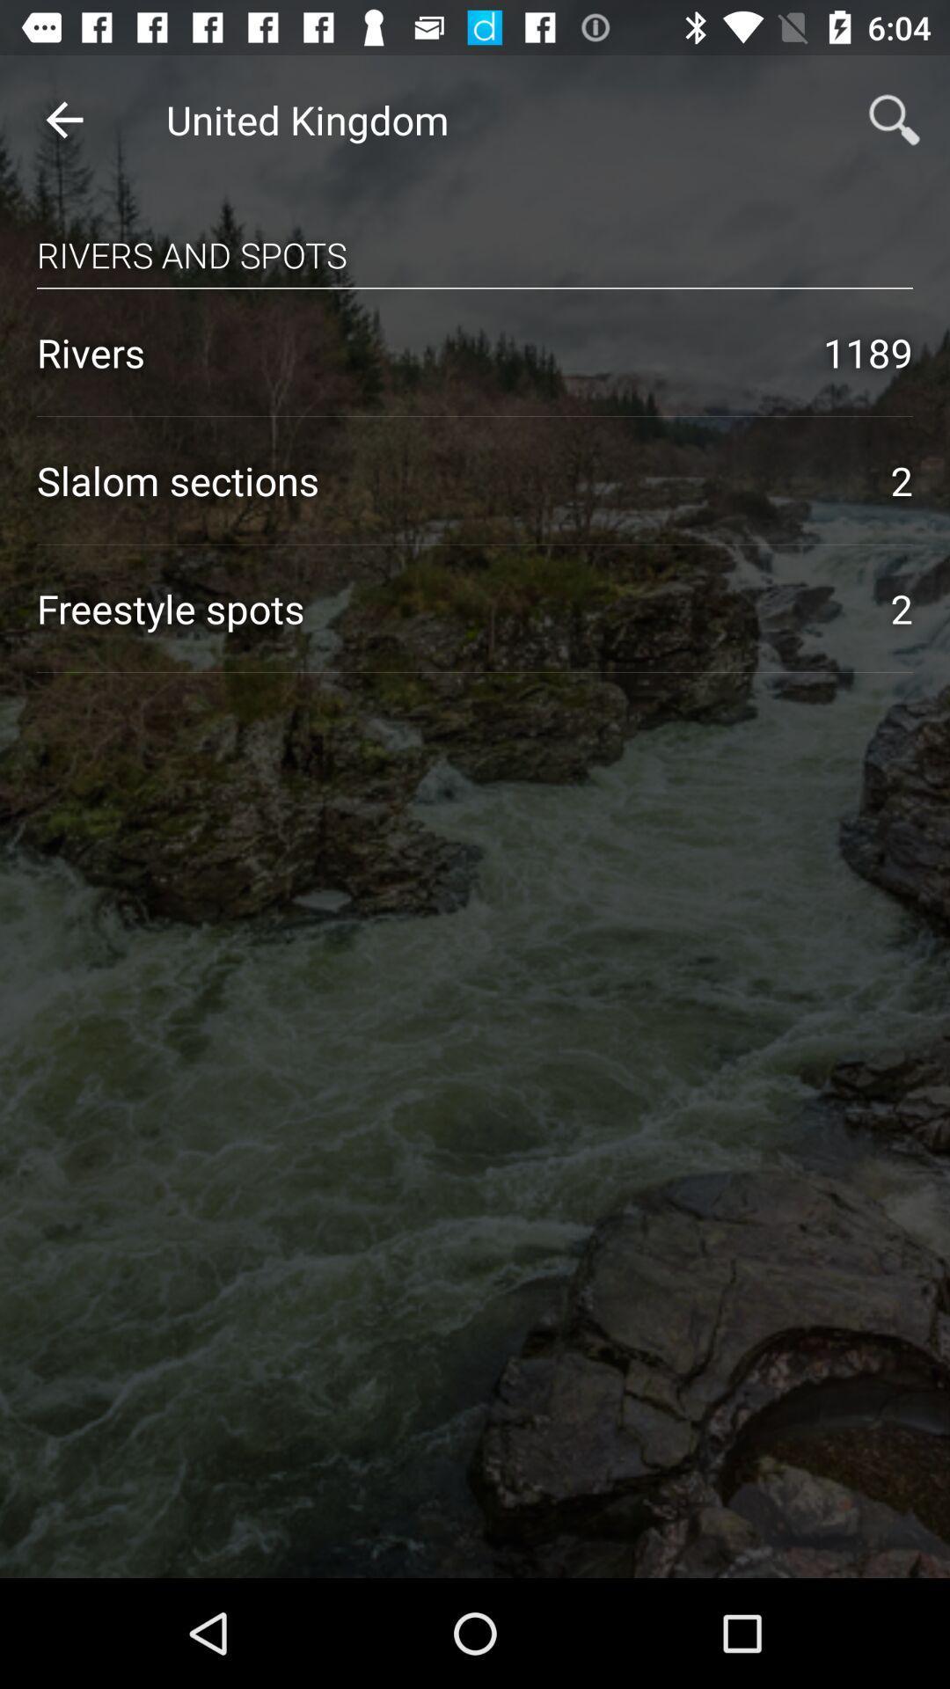 This screenshot has height=1689, width=950. What do you see at coordinates (867, 352) in the screenshot?
I see `the item next to rivers icon` at bounding box center [867, 352].